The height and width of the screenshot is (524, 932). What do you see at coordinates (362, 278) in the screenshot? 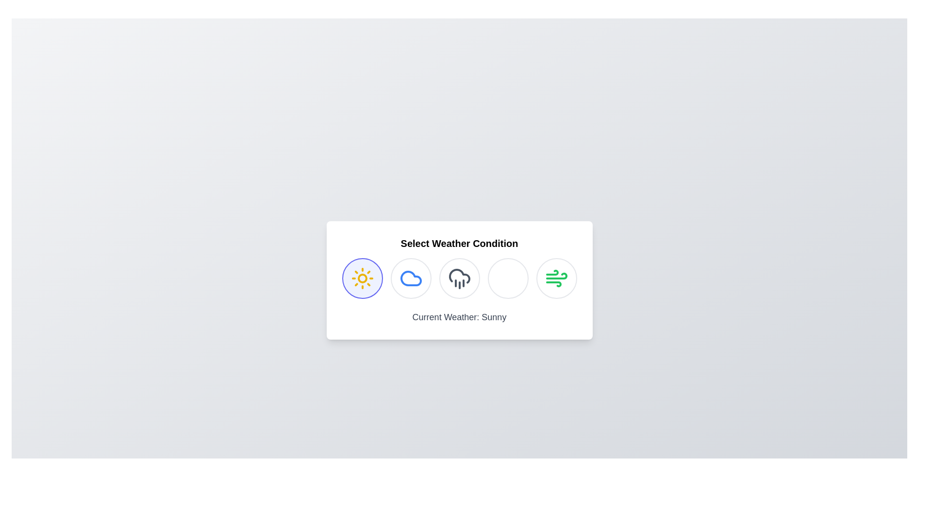
I see `the sunny weather condition button, which is the first item in the horizontal group of weather condition buttons located at the leftmost side` at bounding box center [362, 278].